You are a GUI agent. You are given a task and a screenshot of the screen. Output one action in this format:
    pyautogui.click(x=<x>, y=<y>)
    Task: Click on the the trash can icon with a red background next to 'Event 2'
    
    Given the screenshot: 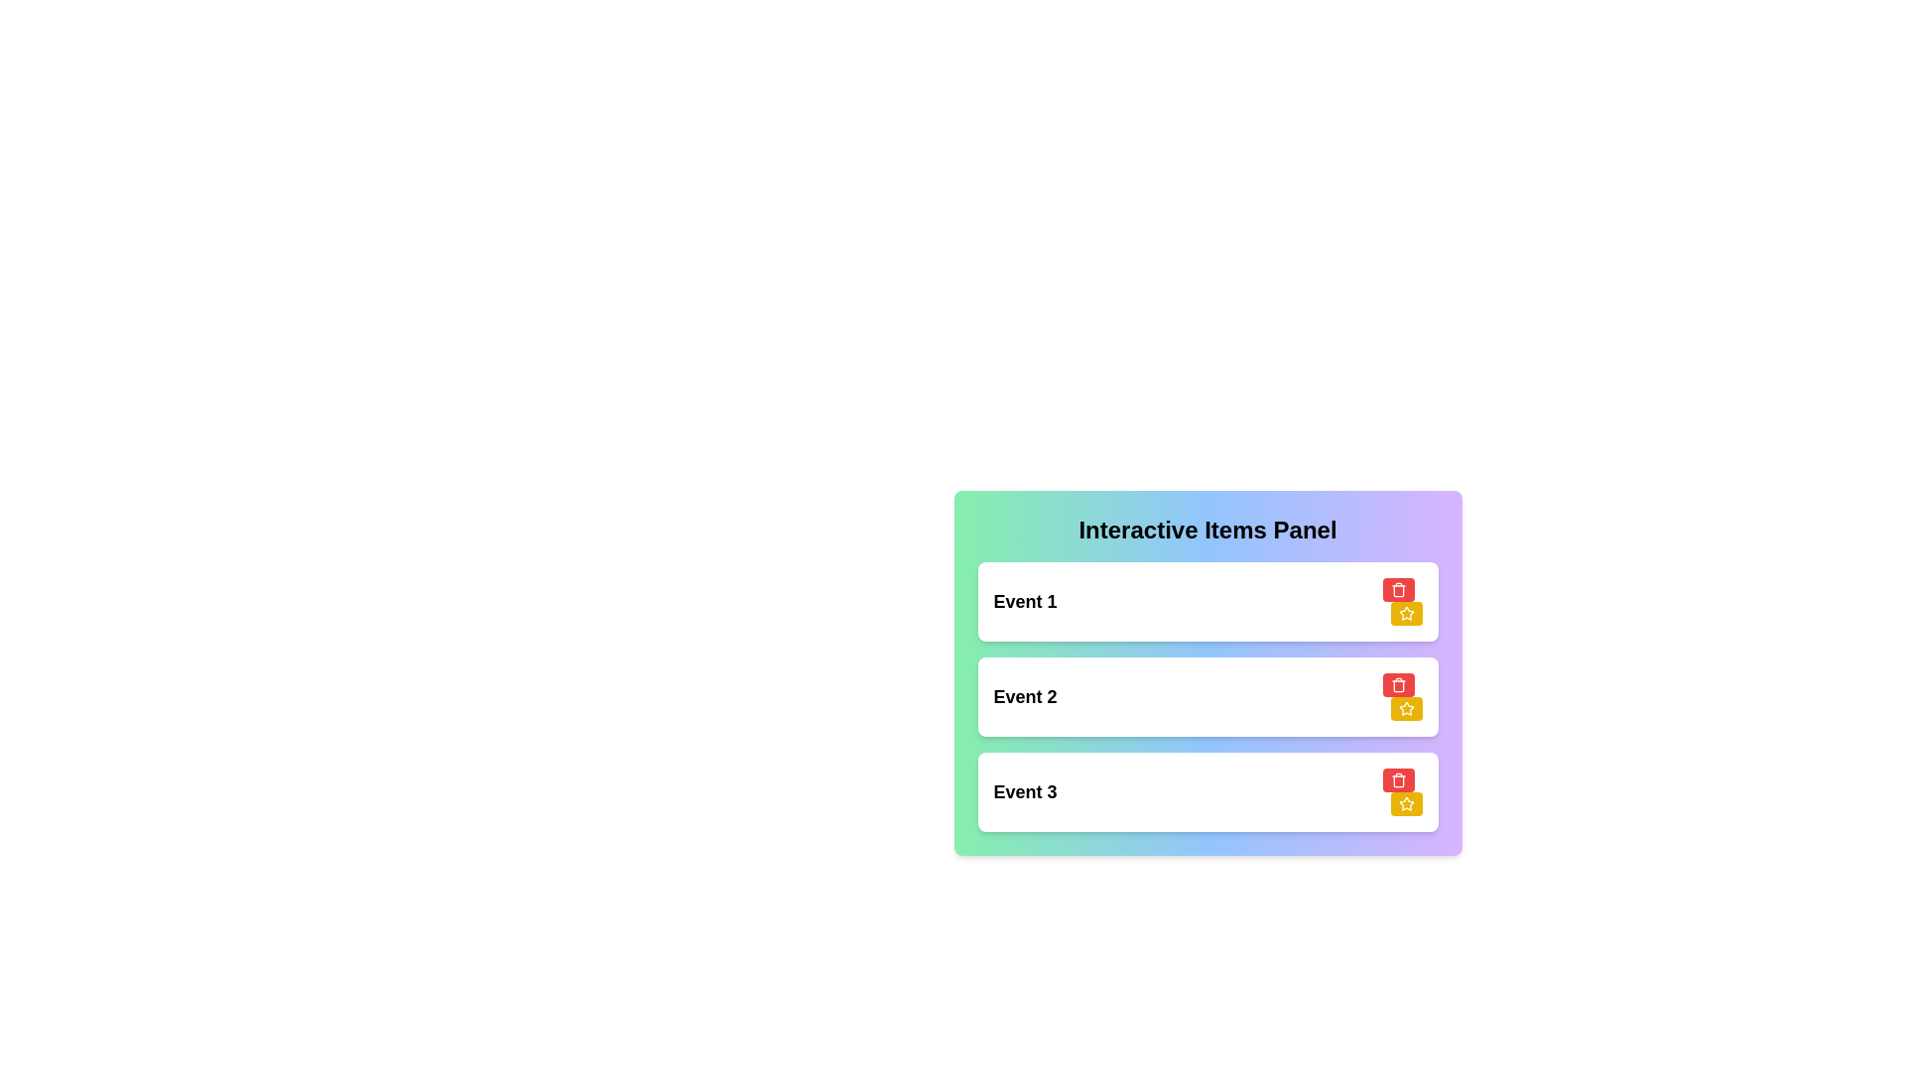 What is the action you would take?
    pyautogui.click(x=1397, y=683)
    